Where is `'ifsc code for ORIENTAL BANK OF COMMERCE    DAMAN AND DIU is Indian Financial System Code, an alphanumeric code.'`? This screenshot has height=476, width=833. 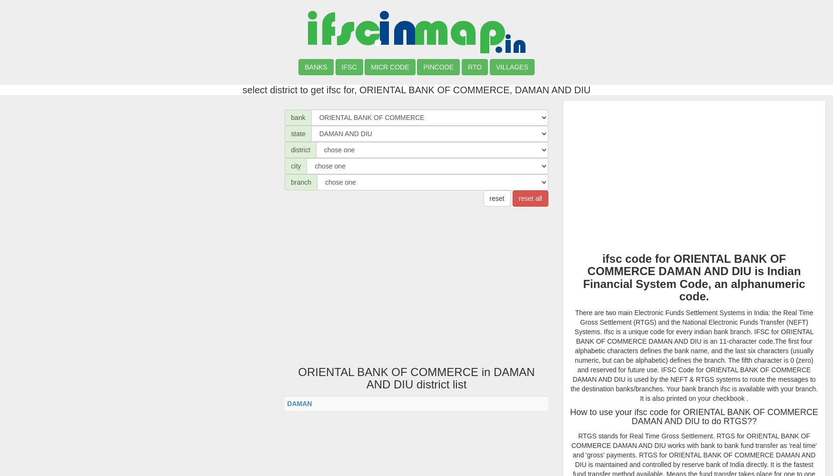
'ifsc code for ORIENTAL BANK OF COMMERCE    DAMAN AND DIU is Indian Financial System Code, an alphanumeric code.' is located at coordinates (694, 277).